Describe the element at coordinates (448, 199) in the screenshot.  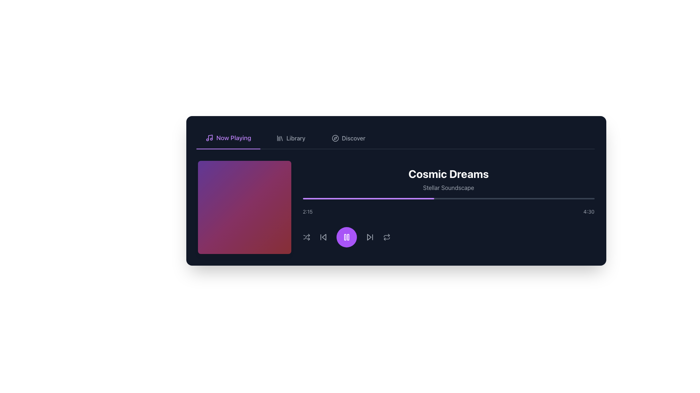
I see `the progress bar located centrally below the text 'Cosmic Dreams' and 'Stellar Soundscape', which serves as a progress indicator for ongoing playback` at that location.